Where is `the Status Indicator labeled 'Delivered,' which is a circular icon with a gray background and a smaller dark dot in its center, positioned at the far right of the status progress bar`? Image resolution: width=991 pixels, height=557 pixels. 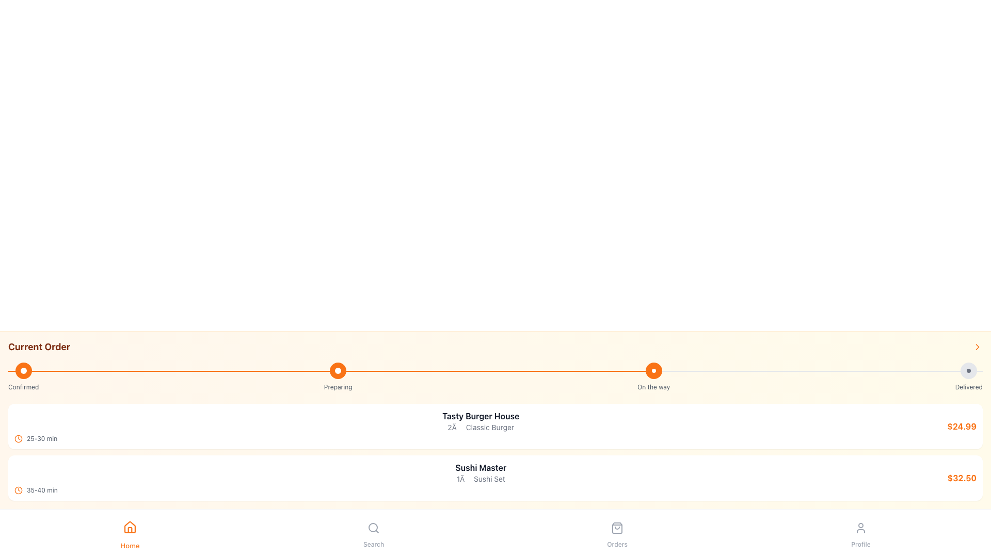
the Status Indicator labeled 'Delivered,' which is a circular icon with a gray background and a smaller dark dot in its center, positioned at the far right of the status progress bar is located at coordinates (968, 377).